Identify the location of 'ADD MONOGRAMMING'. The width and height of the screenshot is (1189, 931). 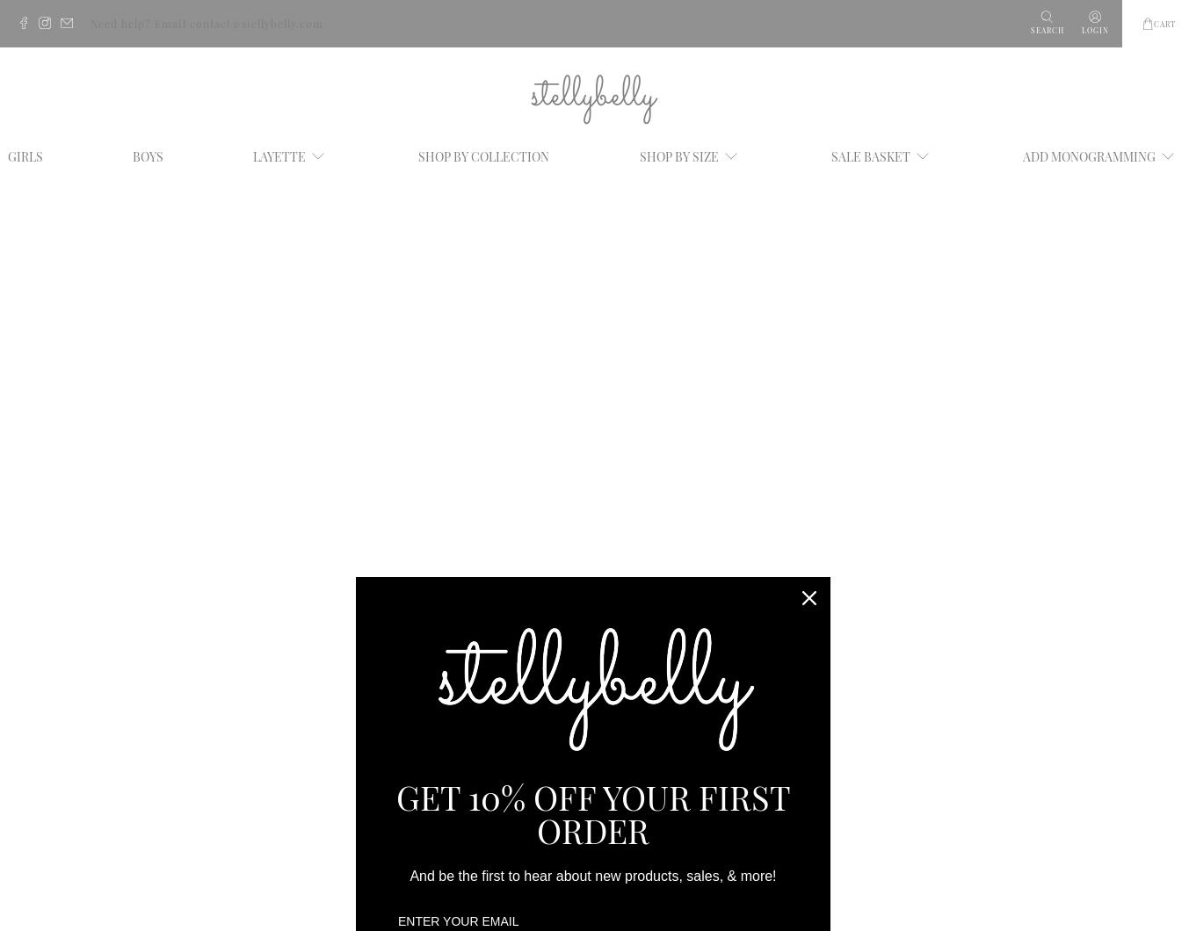
(1087, 155).